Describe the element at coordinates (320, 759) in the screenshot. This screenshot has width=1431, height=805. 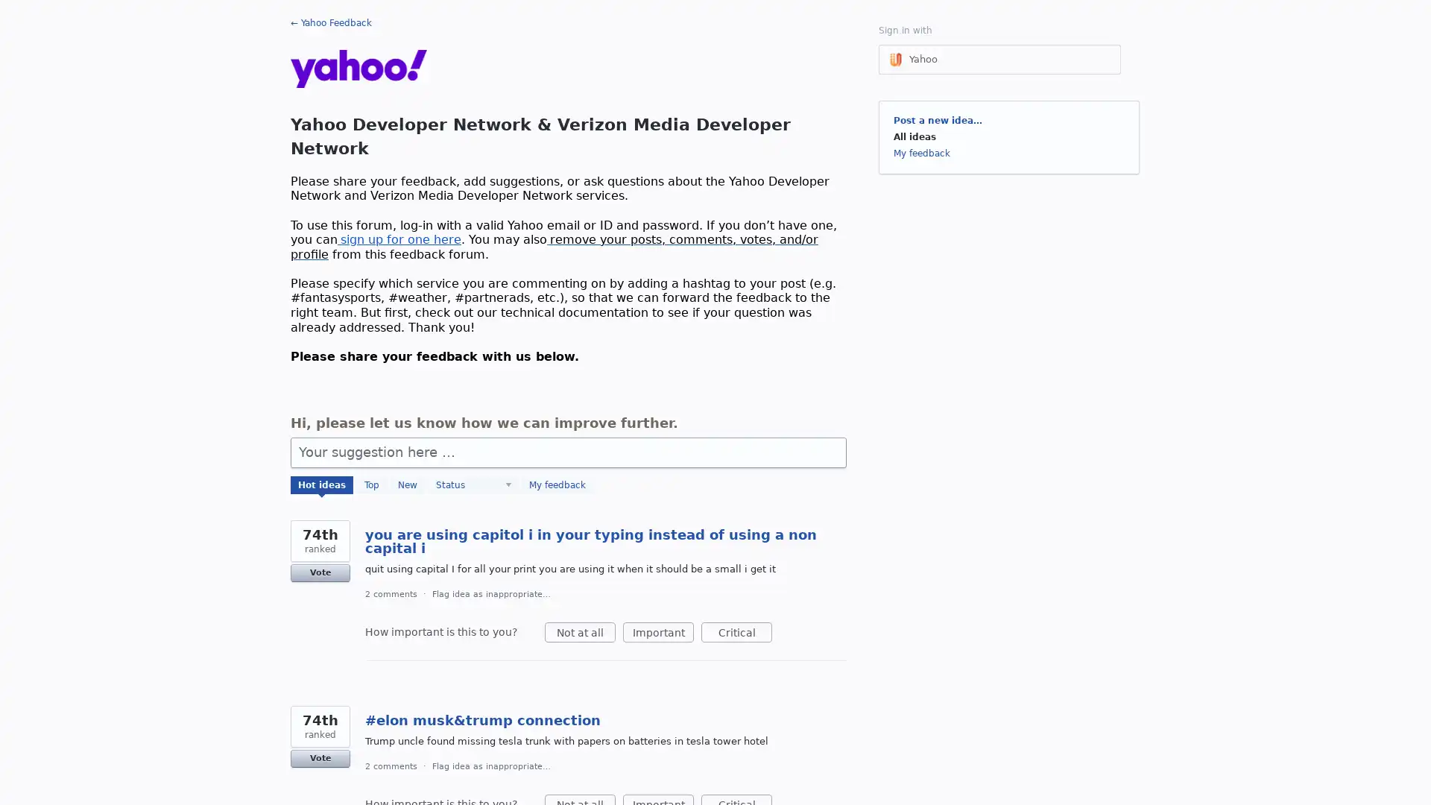
I see `Vote` at that location.